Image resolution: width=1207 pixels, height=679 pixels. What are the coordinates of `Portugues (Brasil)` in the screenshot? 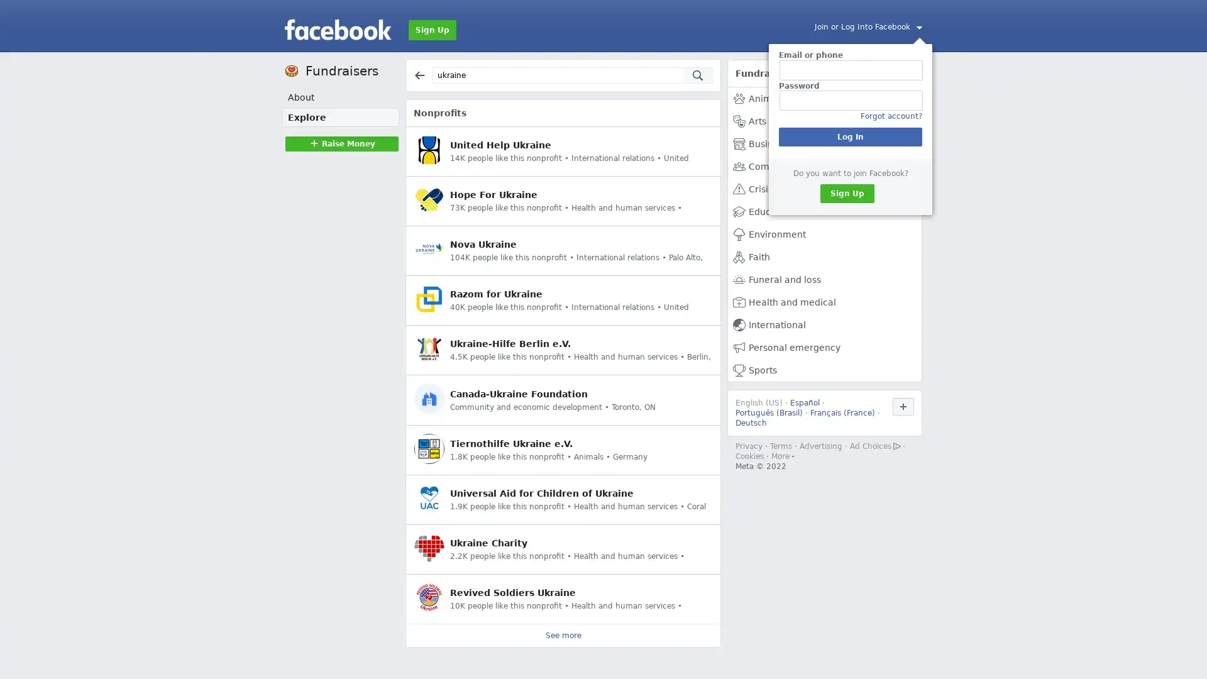 It's located at (768, 412).